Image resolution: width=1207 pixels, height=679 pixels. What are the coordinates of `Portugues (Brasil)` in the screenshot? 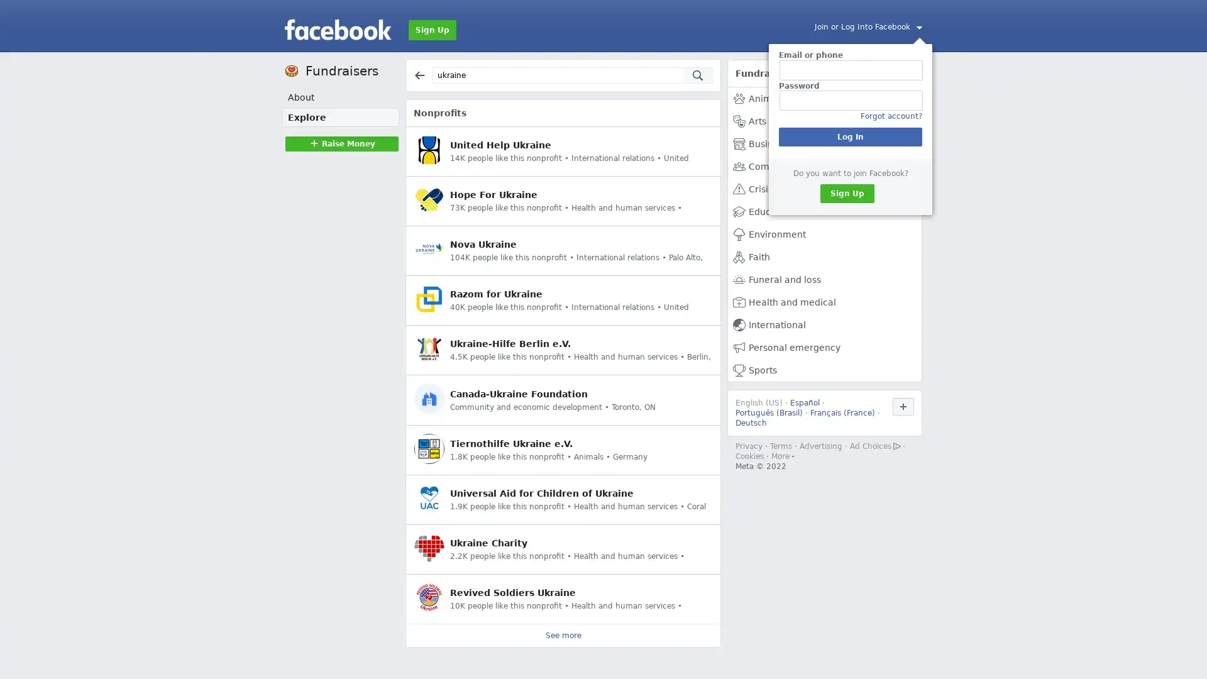 It's located at (768, 412).